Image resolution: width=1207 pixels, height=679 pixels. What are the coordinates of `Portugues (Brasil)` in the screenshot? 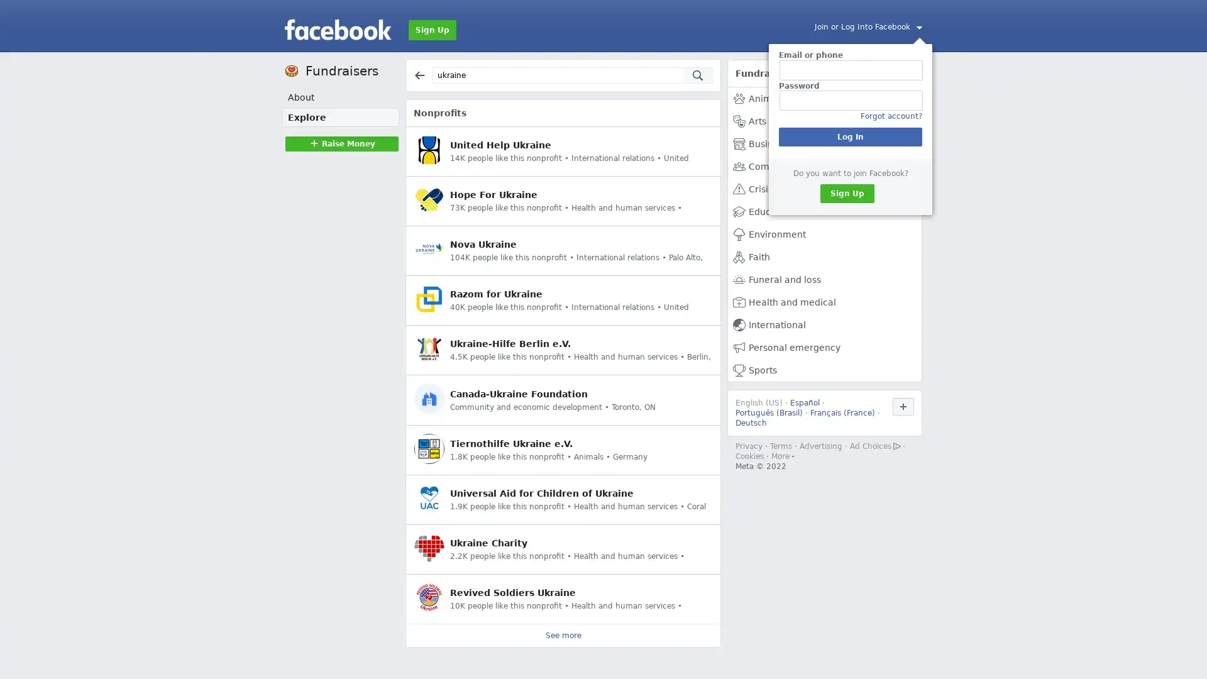 It's located at (768, 412).